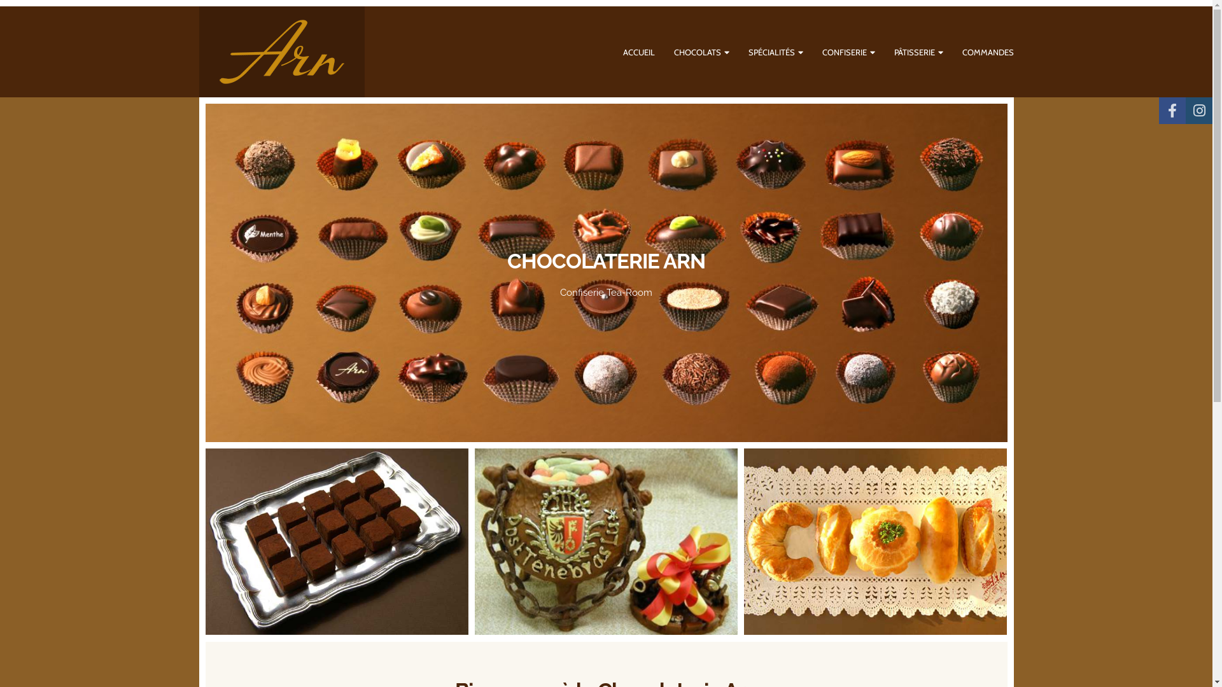  What do you see at coordinates (638, 51) in the screenshot?
I see `'ACCUEIL'` at bounding box center [638, 51].